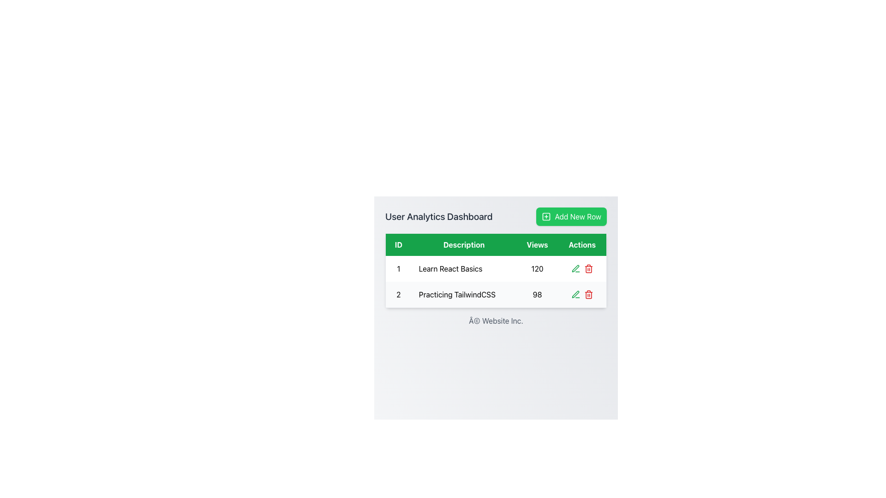  I want to click on the green pencil icon in the second row of the 'Actions' column in the 'User Analytics Dashboard', so click(575, 268).